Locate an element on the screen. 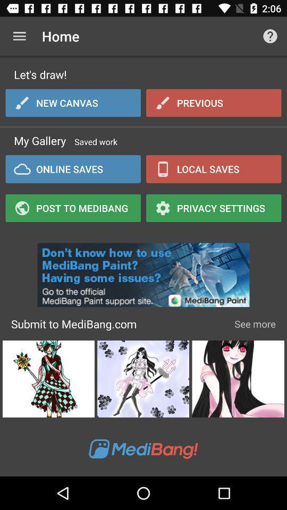  advertisements button is located at coordinates (143, 271).